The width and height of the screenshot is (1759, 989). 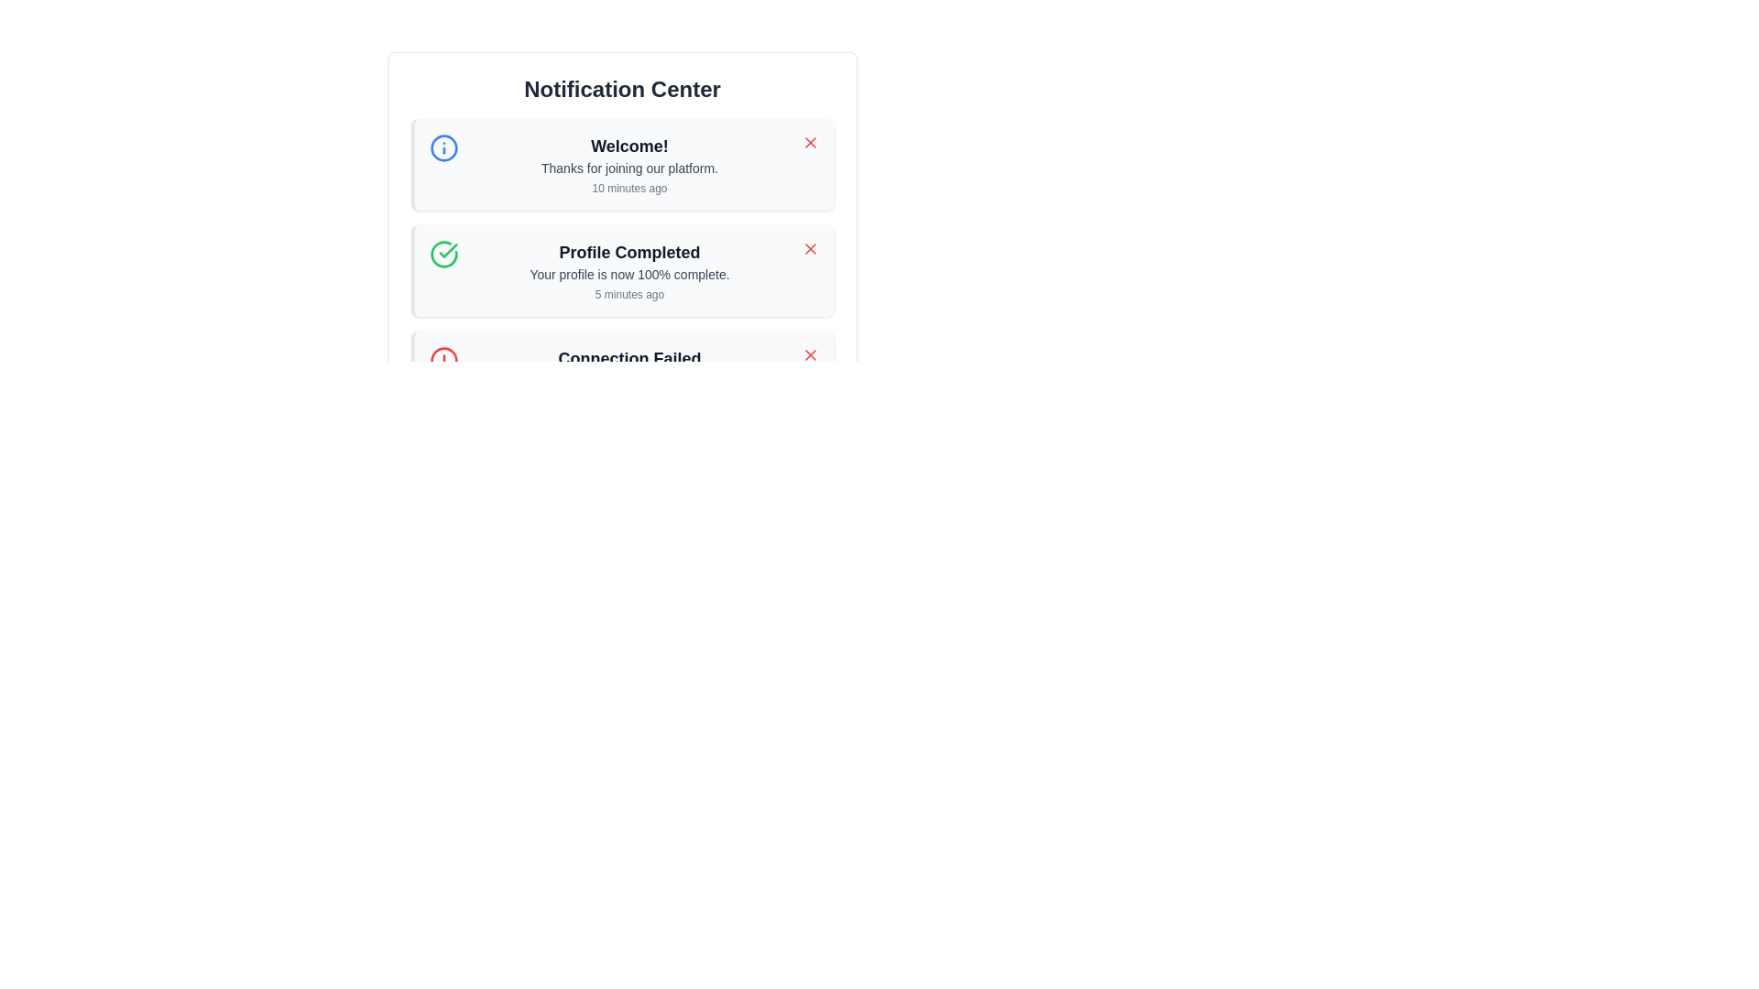 What do you see at coordinates (443, 147) in the screenshot?
I see `the decorative circle icon located in the top-left region of a notification item in the notification center interface` at bounding box center [443, 147].